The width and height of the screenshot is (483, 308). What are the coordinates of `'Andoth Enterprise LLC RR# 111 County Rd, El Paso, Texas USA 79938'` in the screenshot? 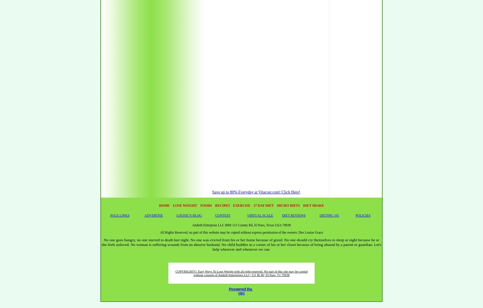 It's located at (192, 225).